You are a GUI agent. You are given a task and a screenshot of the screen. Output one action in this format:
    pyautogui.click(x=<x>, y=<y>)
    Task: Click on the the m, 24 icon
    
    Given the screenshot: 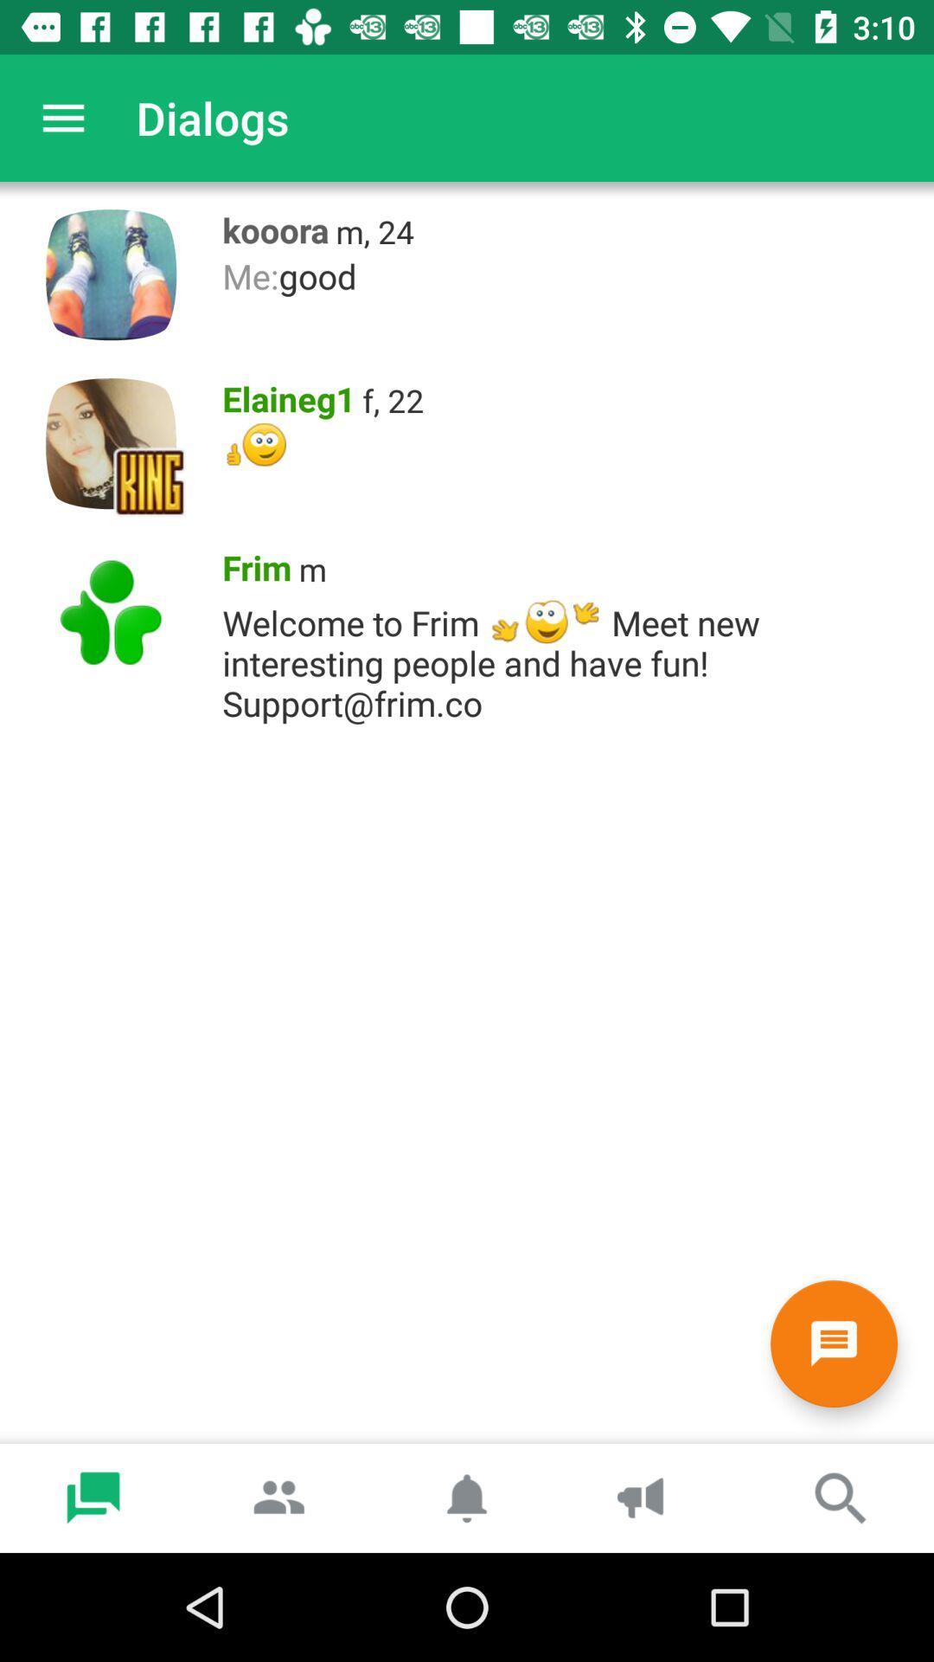 What is the action you would take?
    pyautogui.click(x=374, y=230)
    